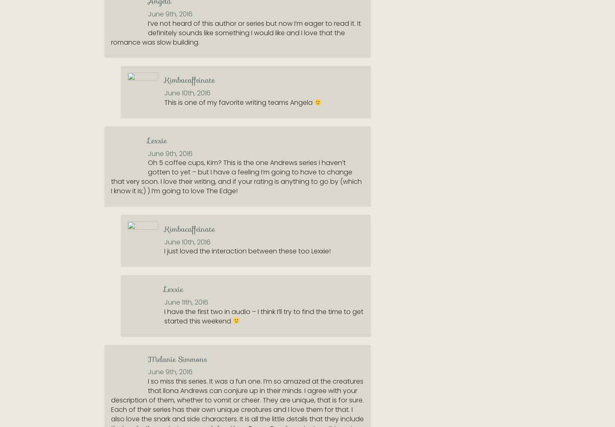 The width and height of the screenshot is (615, 427). What do you see at coordinates (247, 251) in the screenshot?
I see `'I just loved the interaction between these too Lexxie!'` at bounding box center [247, 251].